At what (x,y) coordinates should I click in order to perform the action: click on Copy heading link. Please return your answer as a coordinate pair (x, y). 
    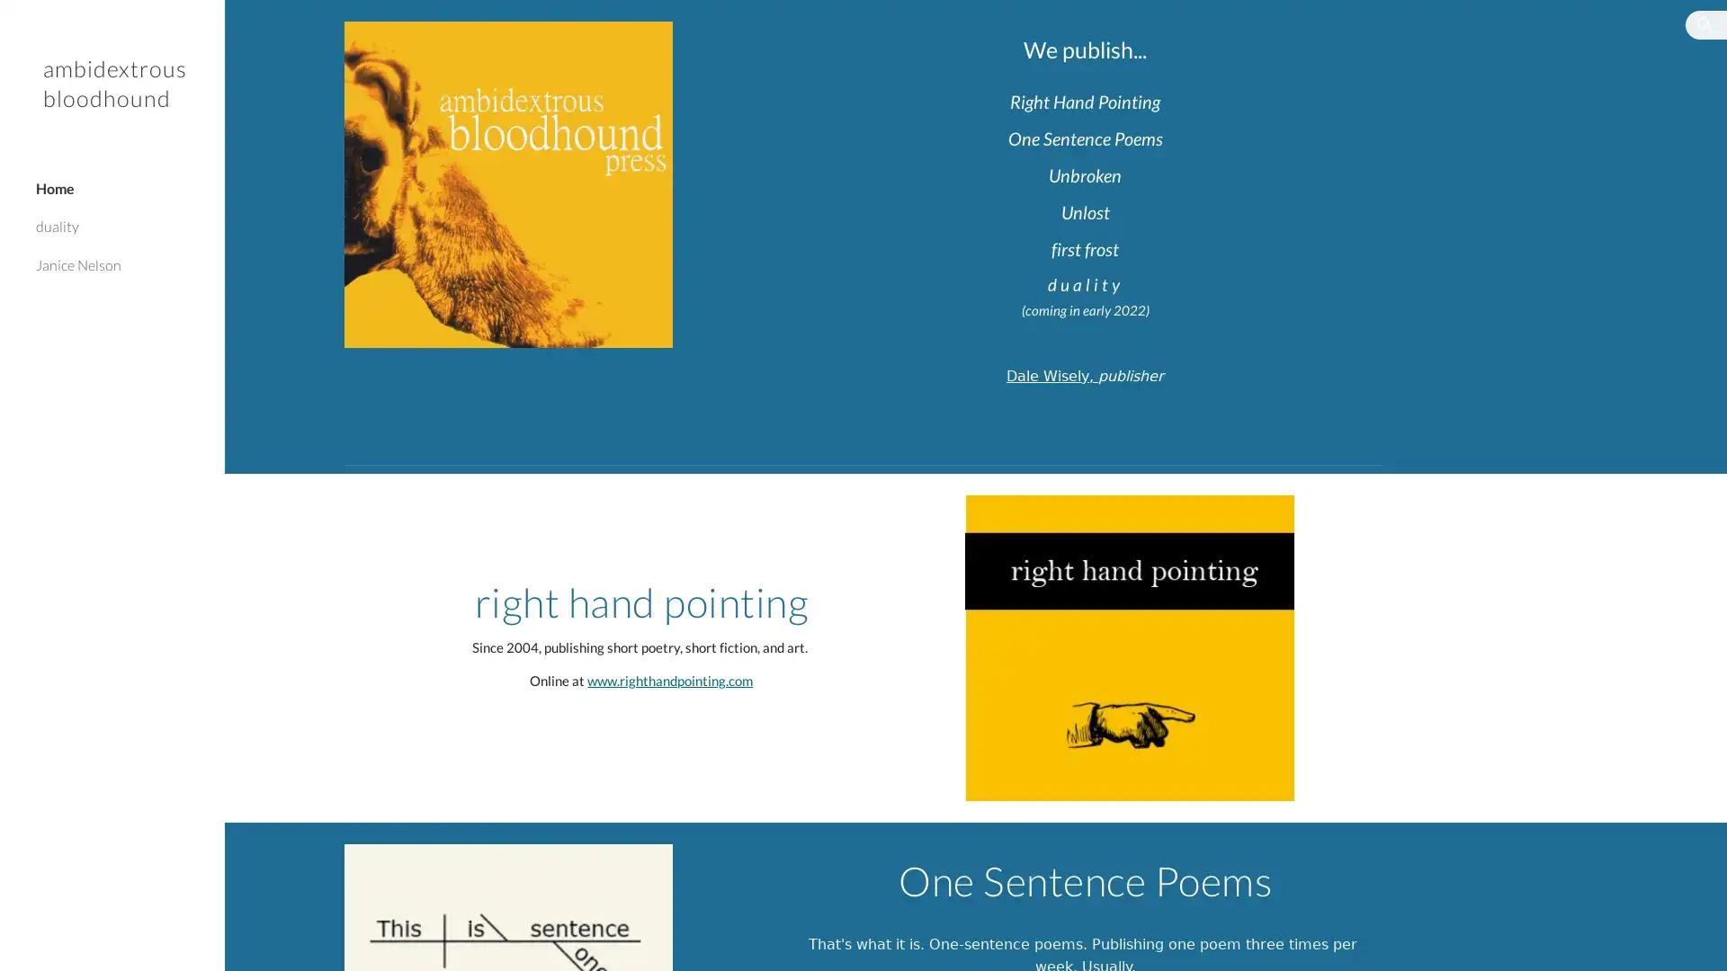
    Looking at the image, I should click on (1251, 249).